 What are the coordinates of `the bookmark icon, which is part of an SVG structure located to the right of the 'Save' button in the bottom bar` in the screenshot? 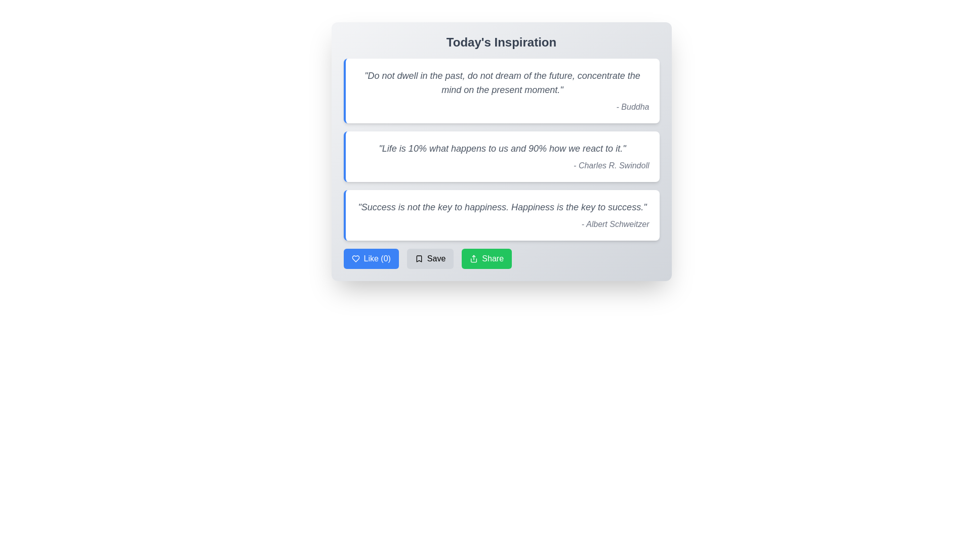 It's located at (419, 258).